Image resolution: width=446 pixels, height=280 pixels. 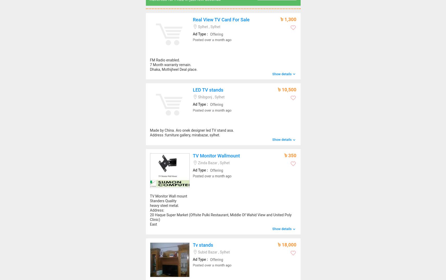 What do you see at coordinates (202, 244) in the screenshot?
I see `'Tv stands'` at bounding box center [202, 244].